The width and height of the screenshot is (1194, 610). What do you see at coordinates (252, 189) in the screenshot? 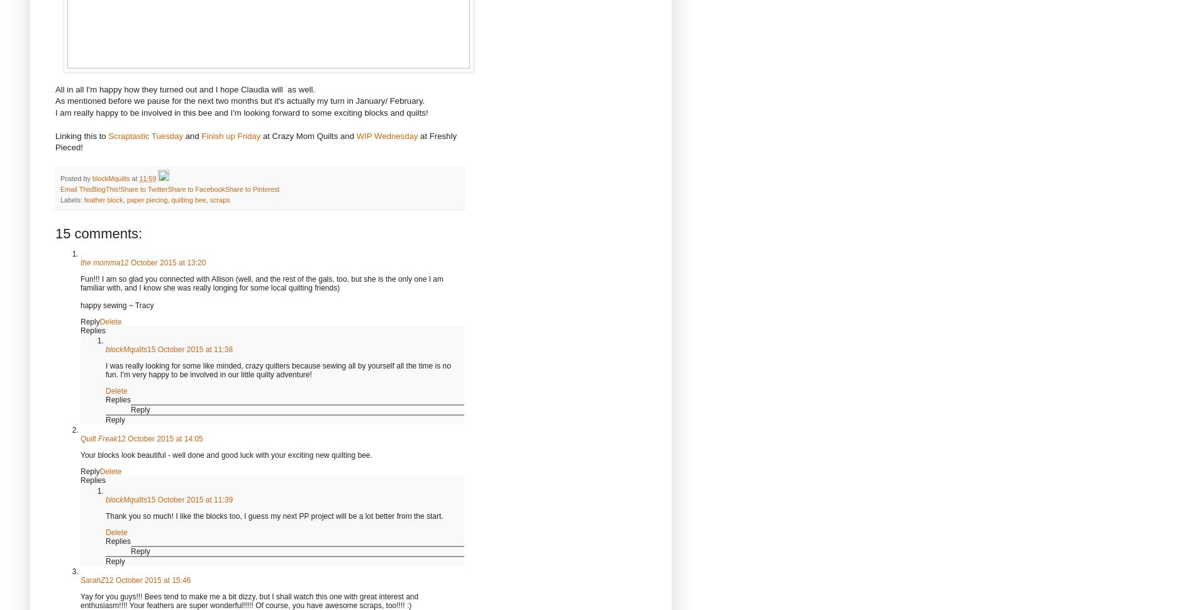
I see `'Share to Pinterest'` at bounding box center [252, 189].